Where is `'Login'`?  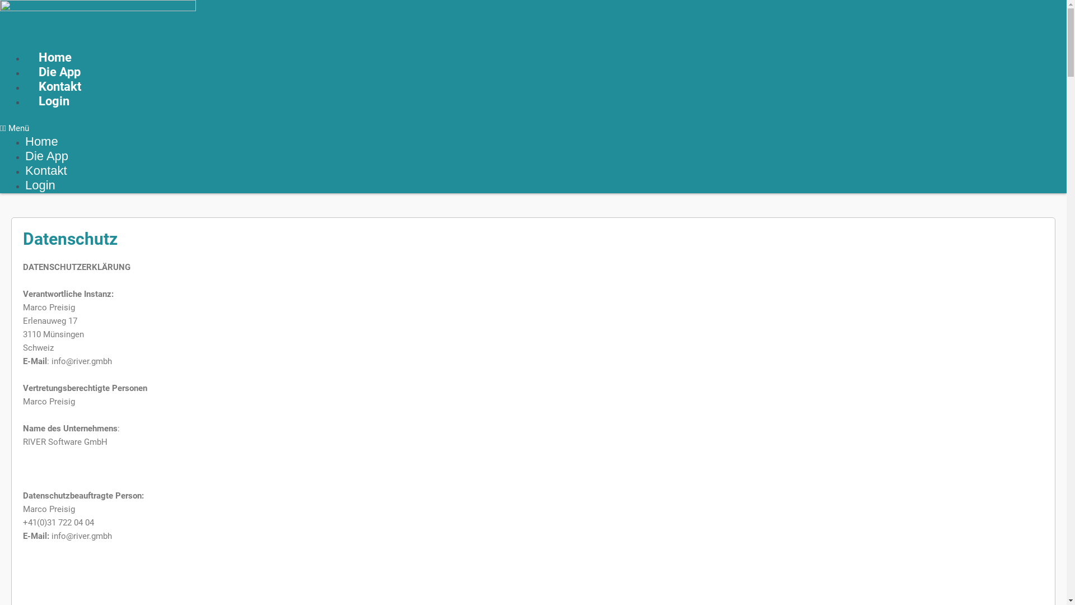 'Login' is located at coordinates (40, 184).